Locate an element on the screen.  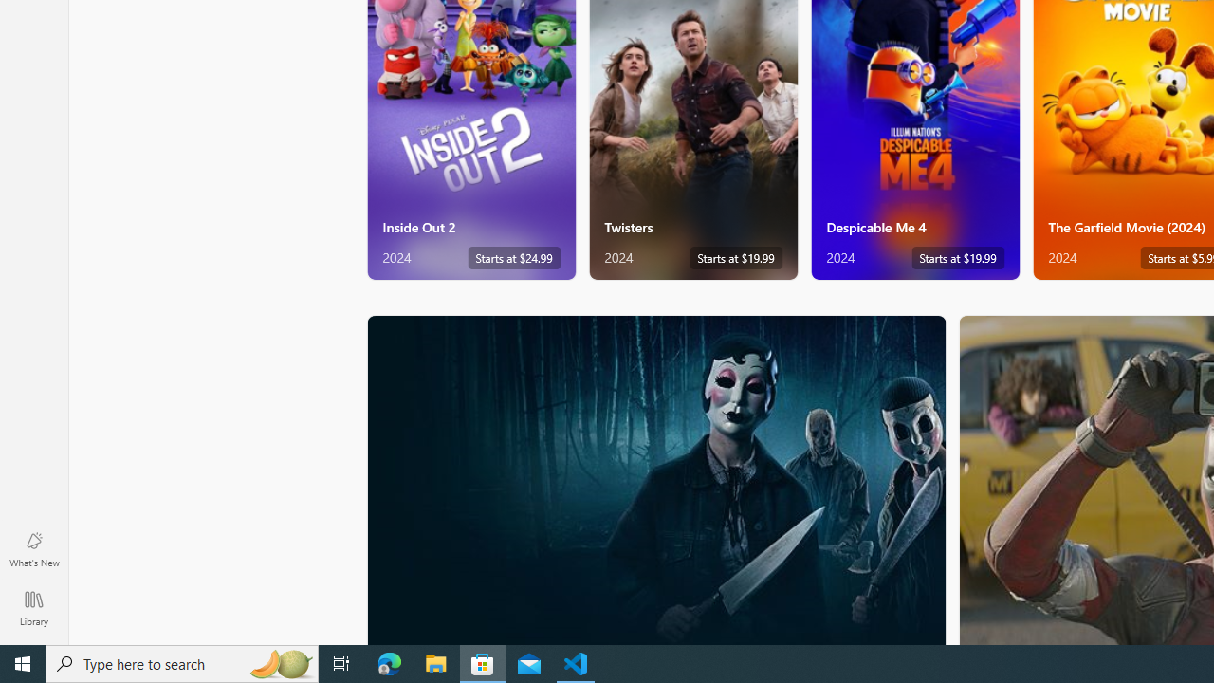
'AutomationID: PosterImage' is located at coordinates (655, 479).